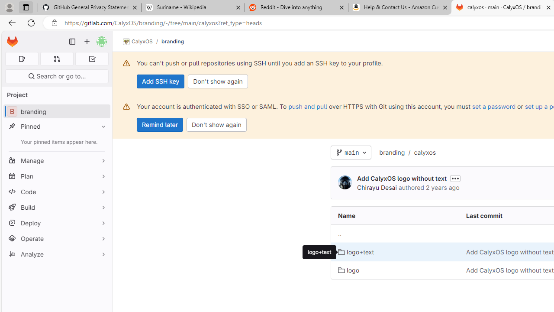  What do you see at coordinates (137, 42) in the screenshot?
I see `'CalyxOS'` at bounding box center [137, 42].